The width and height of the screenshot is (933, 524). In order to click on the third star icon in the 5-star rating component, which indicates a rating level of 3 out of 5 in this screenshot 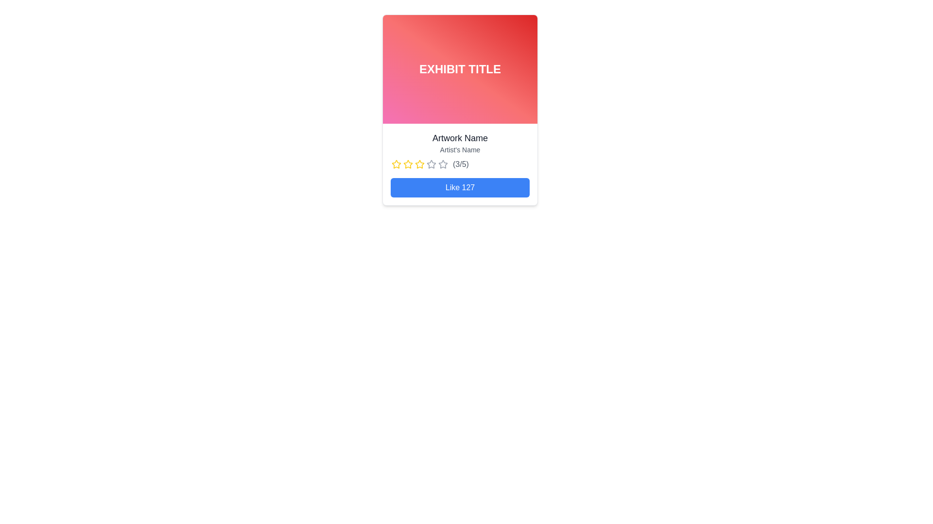, I will do `click(431, 164)`.